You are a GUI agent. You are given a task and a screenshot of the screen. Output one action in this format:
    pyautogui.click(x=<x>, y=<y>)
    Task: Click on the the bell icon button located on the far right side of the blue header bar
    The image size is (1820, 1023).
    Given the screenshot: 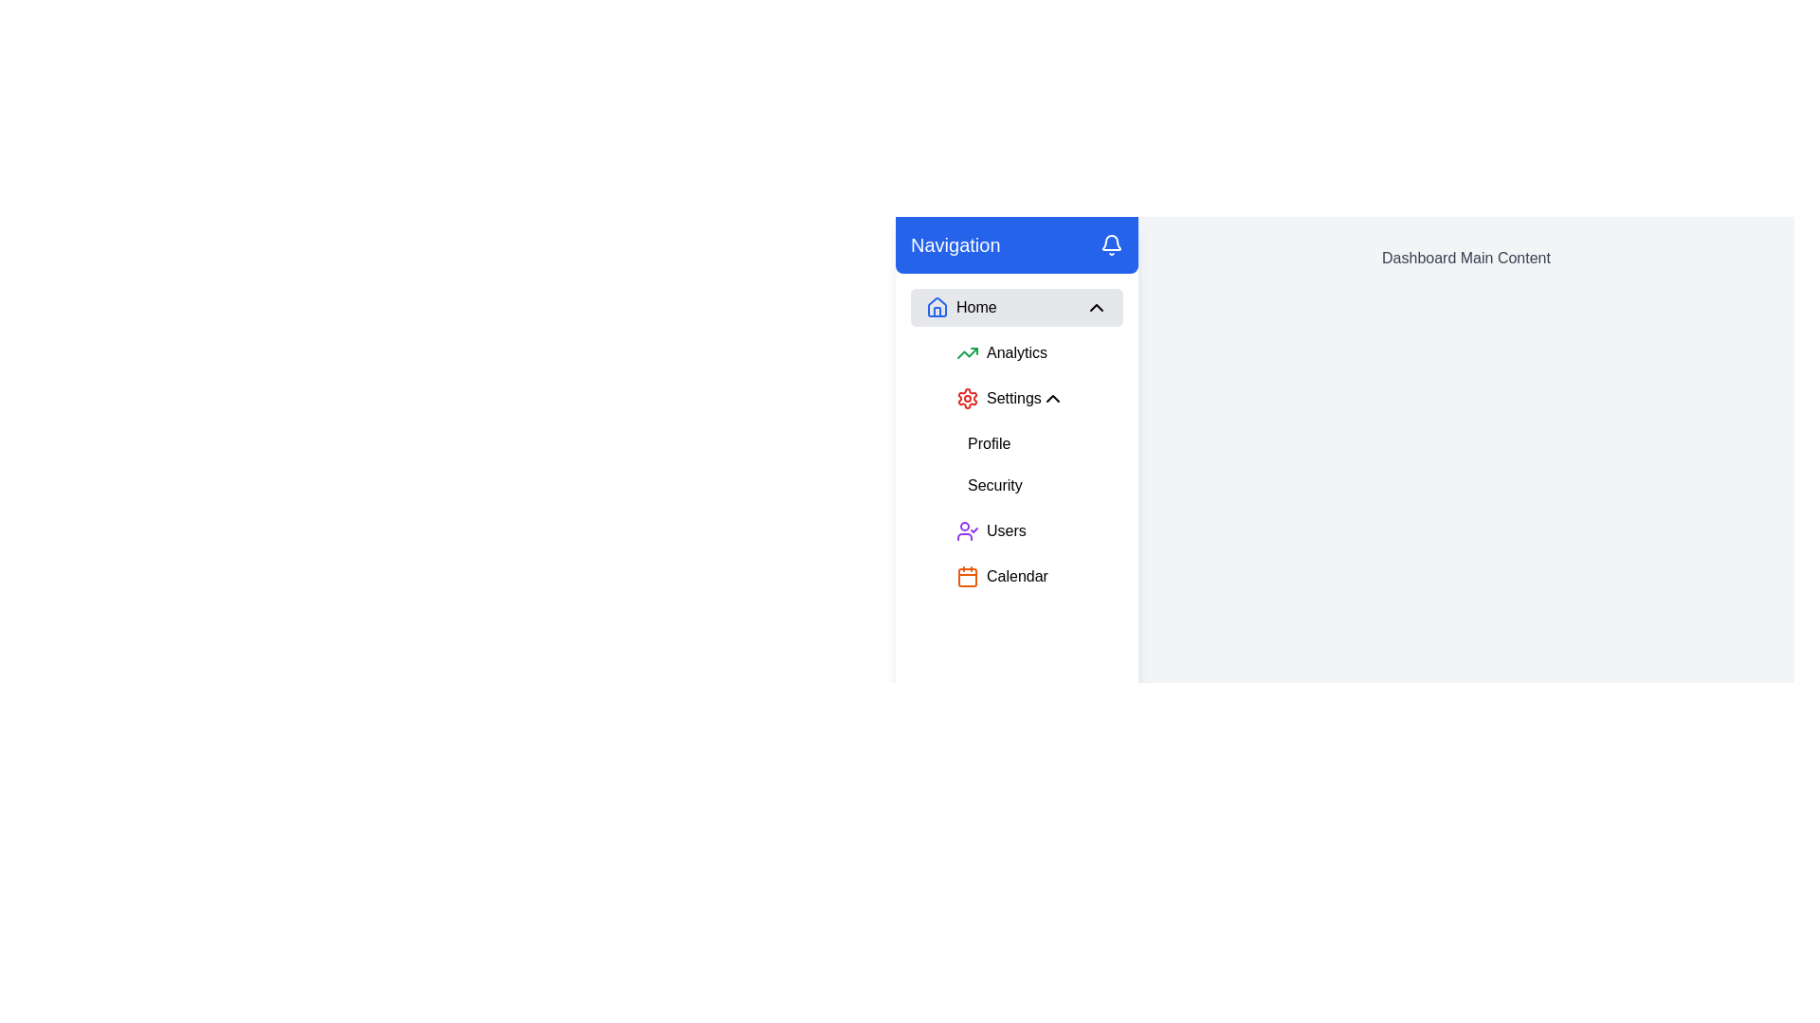 What is the action you would take?
    pyautogui.click(x=1111, y=243)
    